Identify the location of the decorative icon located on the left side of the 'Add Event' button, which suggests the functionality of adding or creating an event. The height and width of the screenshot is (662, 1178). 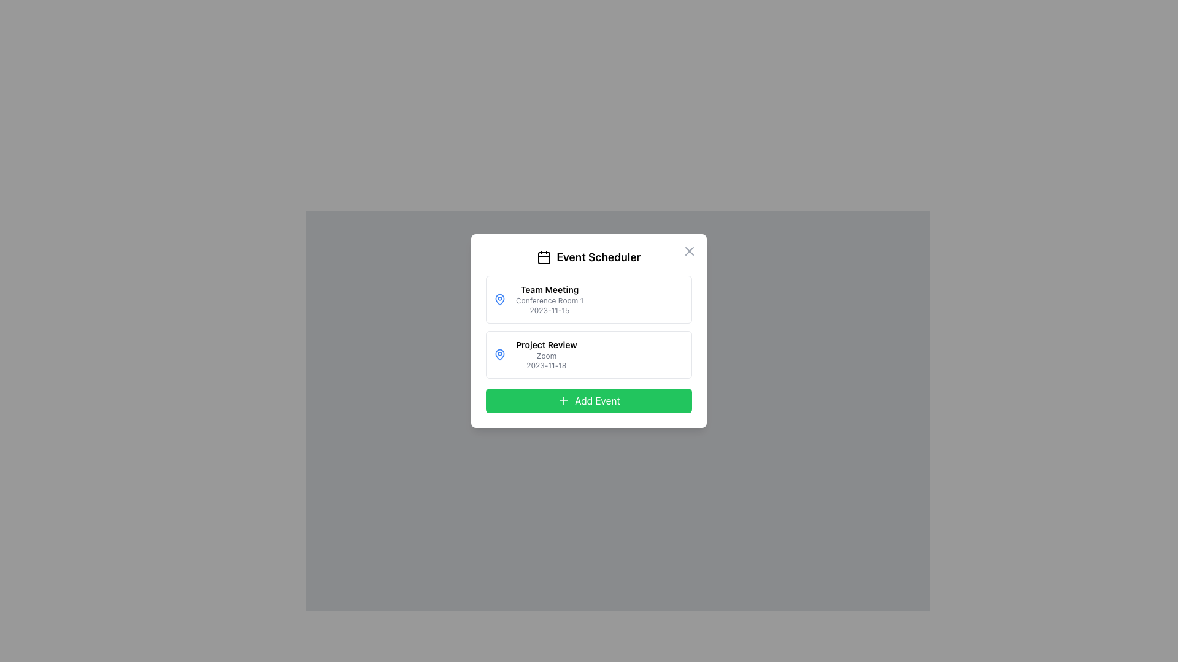
(563, 401).